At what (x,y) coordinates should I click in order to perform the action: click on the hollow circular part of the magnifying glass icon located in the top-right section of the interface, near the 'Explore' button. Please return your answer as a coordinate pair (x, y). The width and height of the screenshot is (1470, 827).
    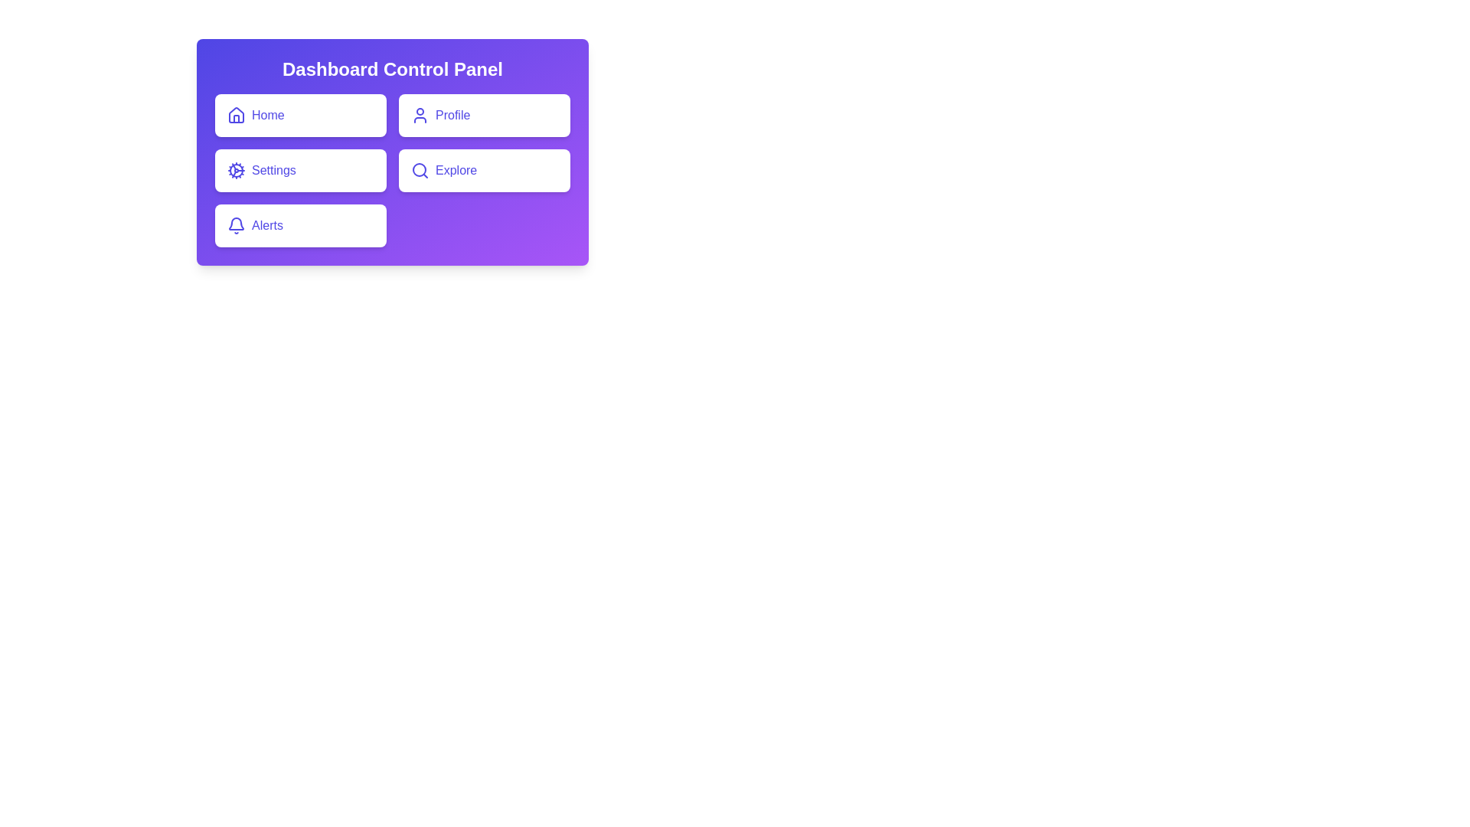
    Looking at the image, I should click on (419, 170).